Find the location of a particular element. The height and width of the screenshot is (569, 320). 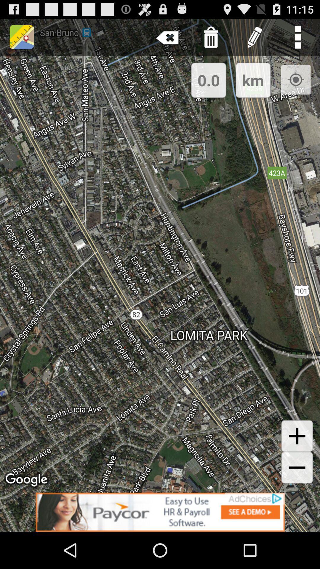

the google logo on the web page is located at coordinates (27, 480).